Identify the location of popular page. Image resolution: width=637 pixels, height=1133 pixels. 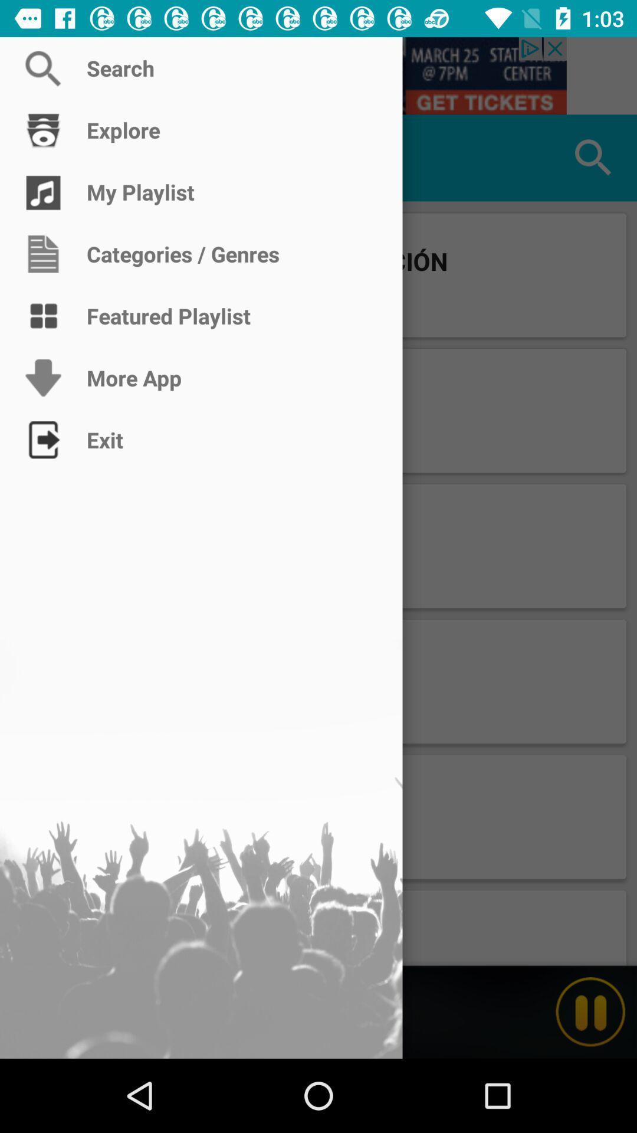
(42, 157).